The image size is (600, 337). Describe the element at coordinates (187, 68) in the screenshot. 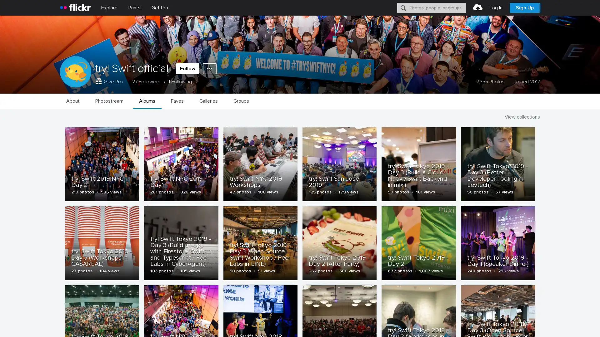

I see `Follow` at that location.